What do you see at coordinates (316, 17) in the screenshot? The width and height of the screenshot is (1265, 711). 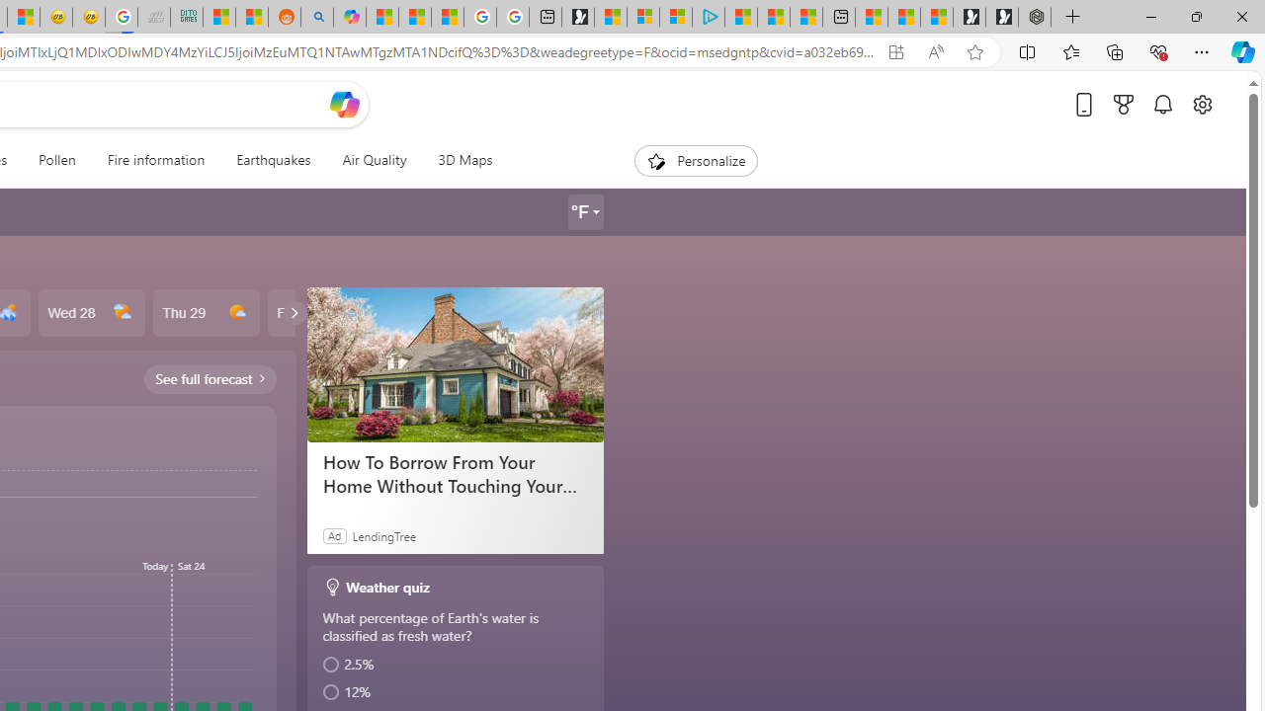 I see `'Utah sues federal government - Search'` at bounding box center [316, 17].